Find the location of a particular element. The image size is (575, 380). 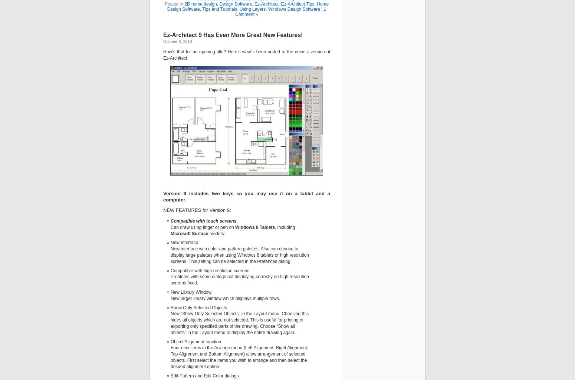

'New larger library window which displays multiple rows.' is located at coordinates (225, 297).